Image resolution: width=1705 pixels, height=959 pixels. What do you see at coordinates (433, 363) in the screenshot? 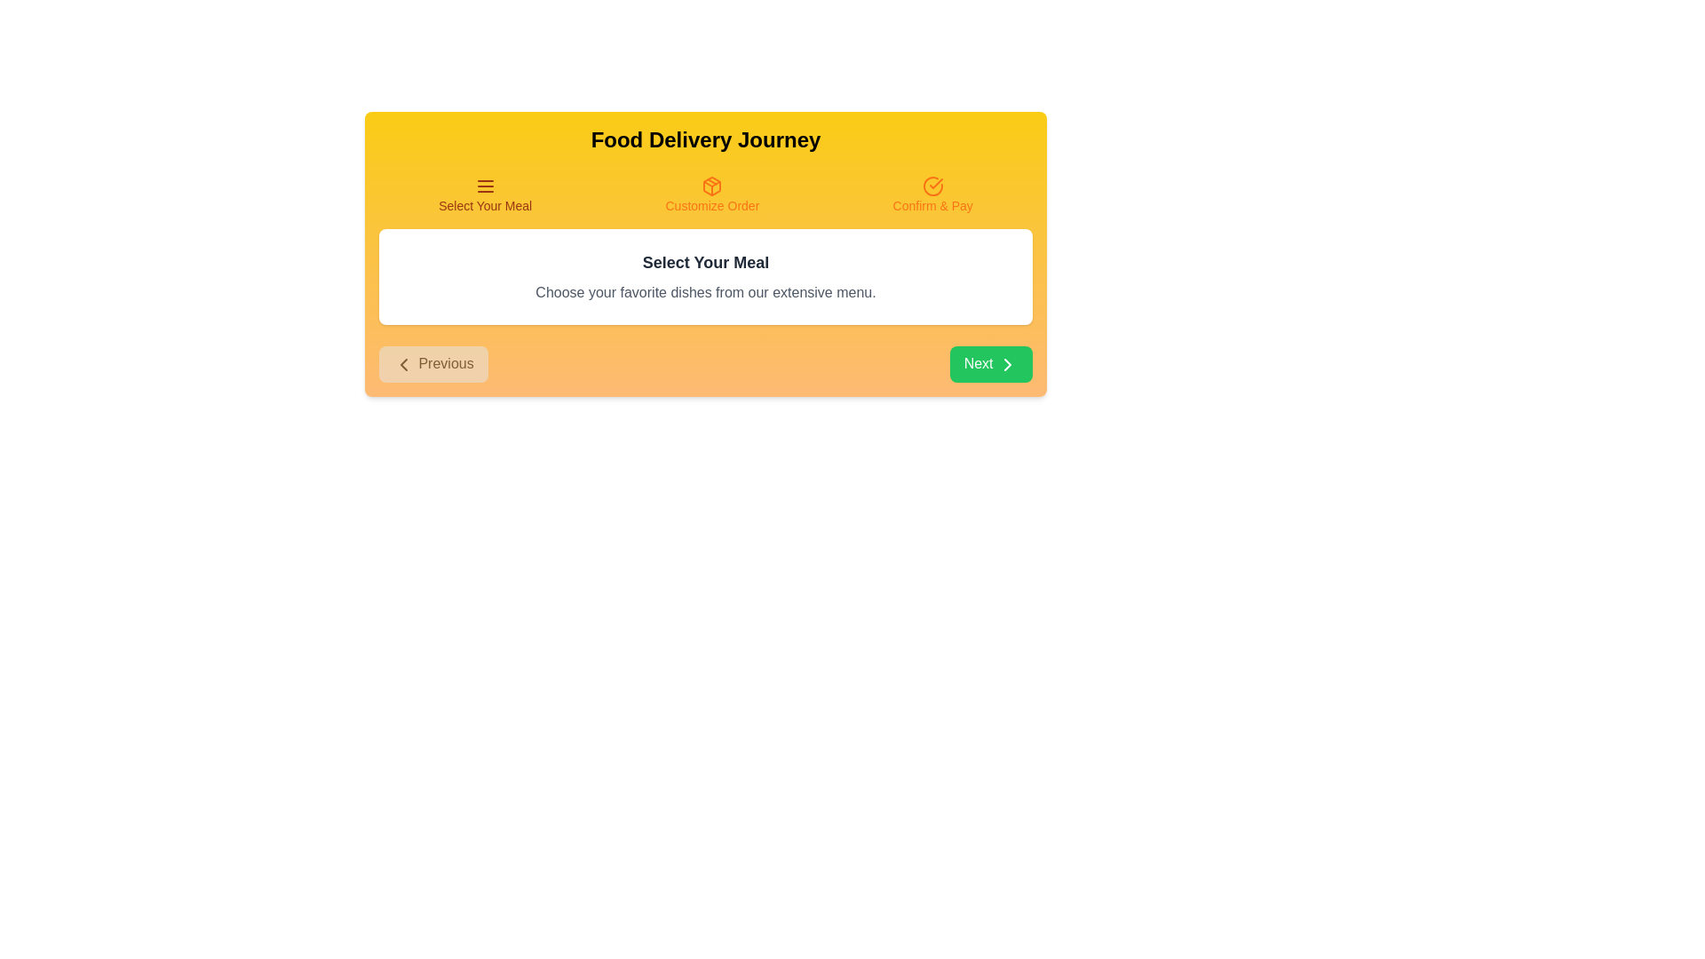
I see `the 'Previous' button, which has a rounded rectangle shape, a light gray background, and the text 'Previous' with a leftward arrow icon` at bounding box center [433, 363].